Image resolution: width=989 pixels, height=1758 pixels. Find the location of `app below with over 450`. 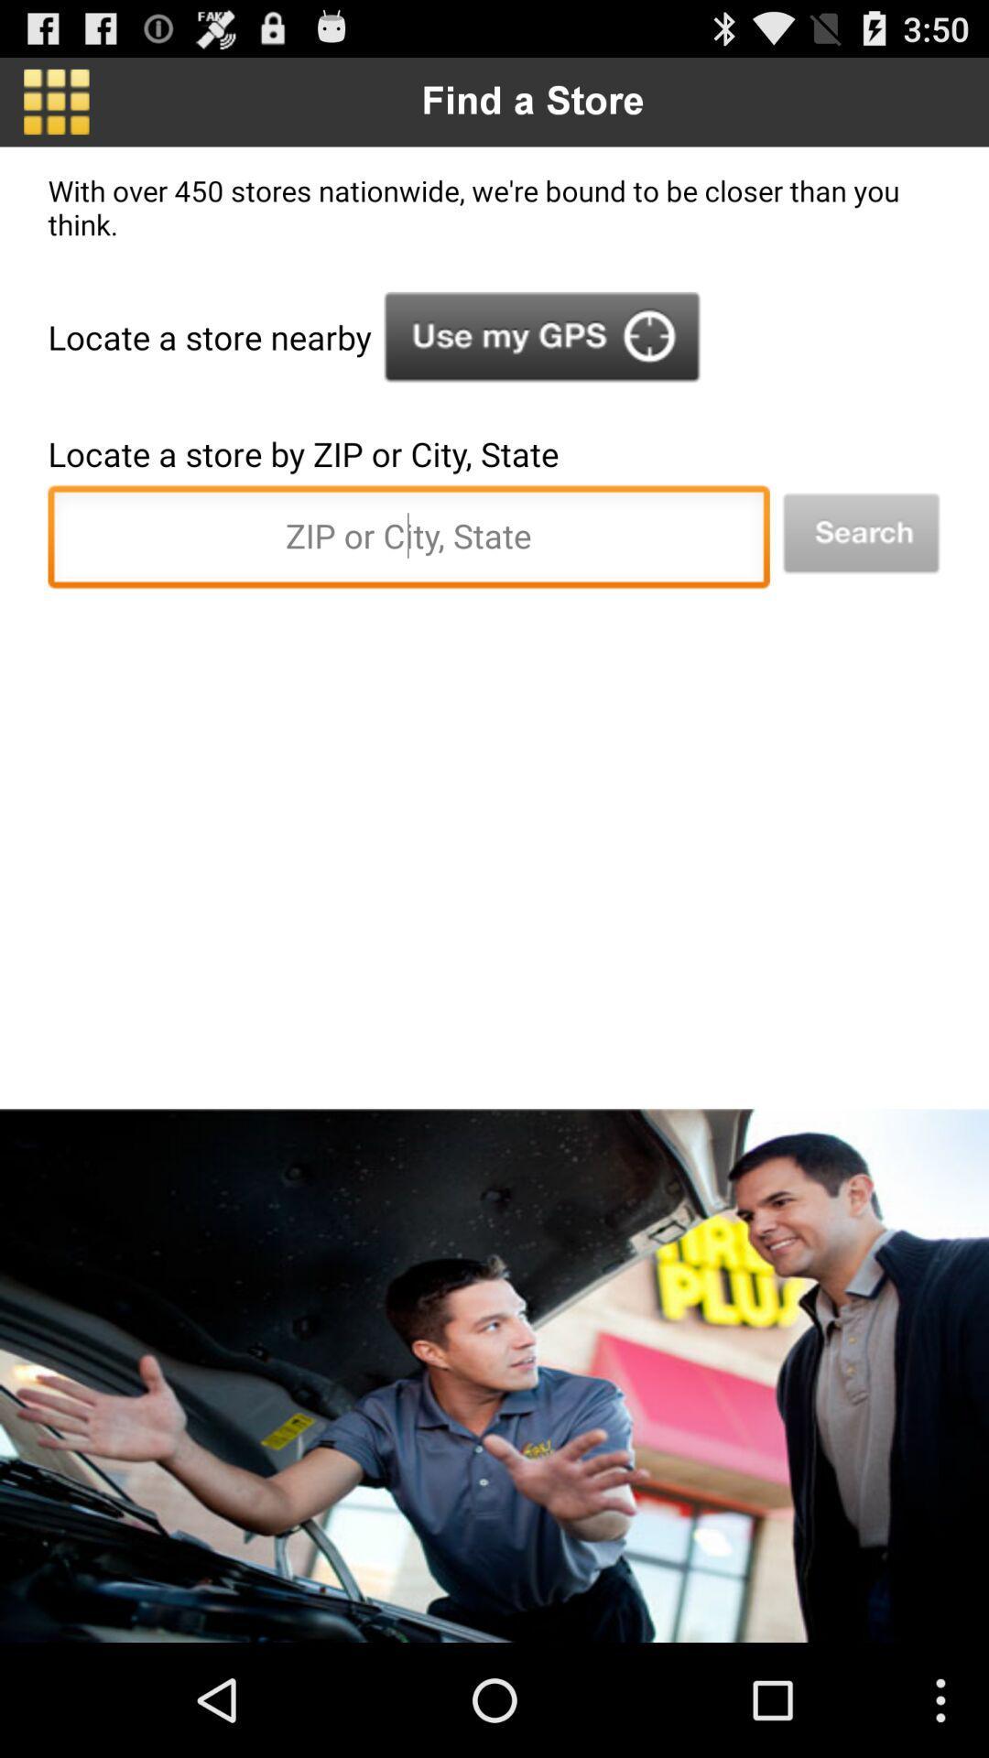

app below with over 450 is located at coordinates (861, 533).